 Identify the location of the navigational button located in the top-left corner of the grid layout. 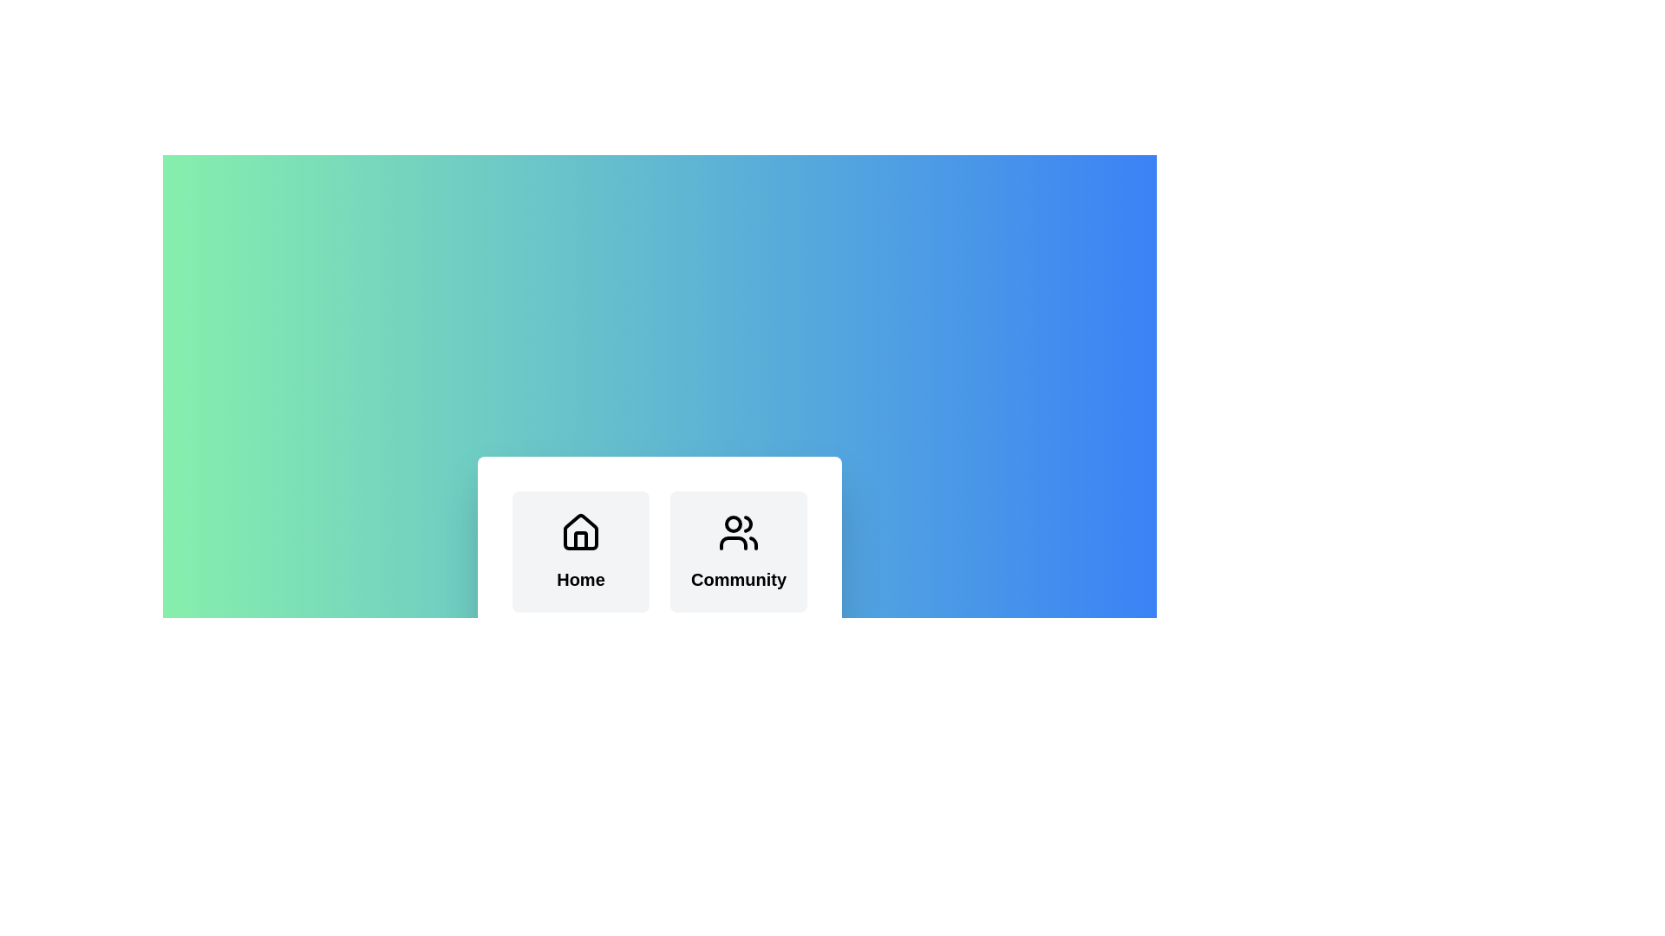
(581, 551).